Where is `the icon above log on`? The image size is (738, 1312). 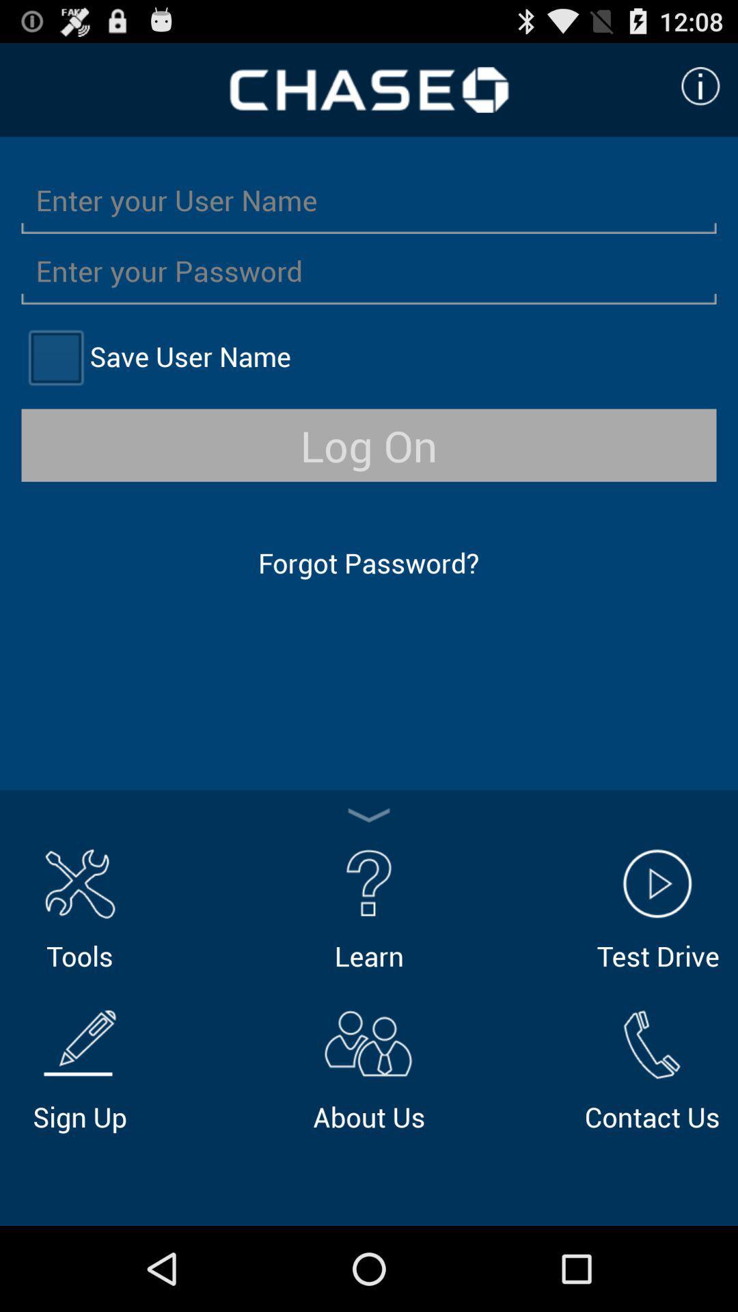 the icon above log on is located at coordinates (55, 357).